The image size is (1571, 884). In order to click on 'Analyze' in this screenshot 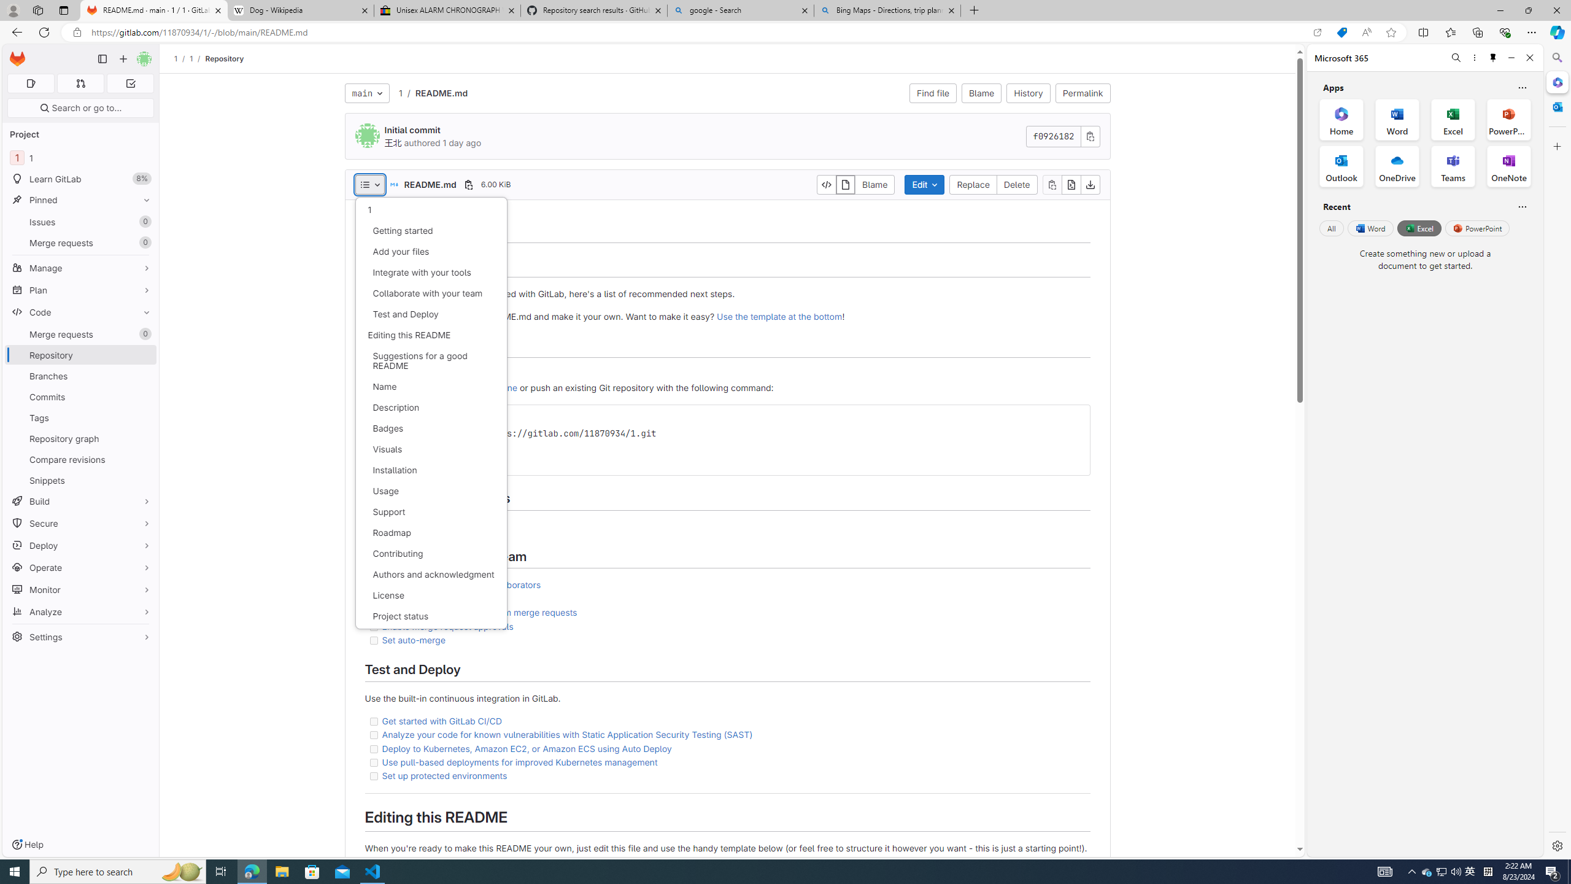, I will do `click(80, 611)`.